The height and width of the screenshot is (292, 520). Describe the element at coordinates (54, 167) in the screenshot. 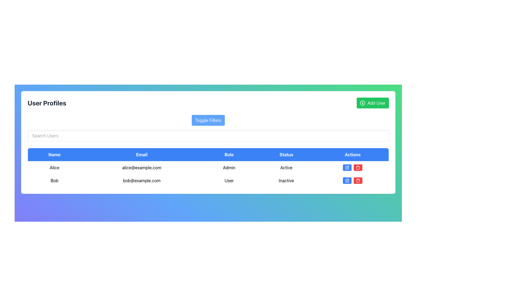

I see `the Text Label displaying the name 'Alice' in the second row of the User Profiles table, which is non-interactive and serves to inform the viewer of the user's identity` at that location.